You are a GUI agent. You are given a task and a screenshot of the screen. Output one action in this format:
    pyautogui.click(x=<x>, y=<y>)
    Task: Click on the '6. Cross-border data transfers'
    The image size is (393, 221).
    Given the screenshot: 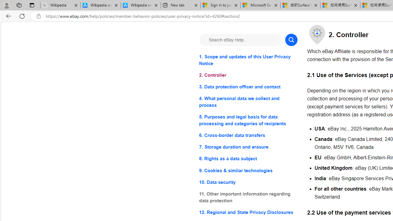 What is the action you would take?
    pyautogui.click(x=248, y=135)
    